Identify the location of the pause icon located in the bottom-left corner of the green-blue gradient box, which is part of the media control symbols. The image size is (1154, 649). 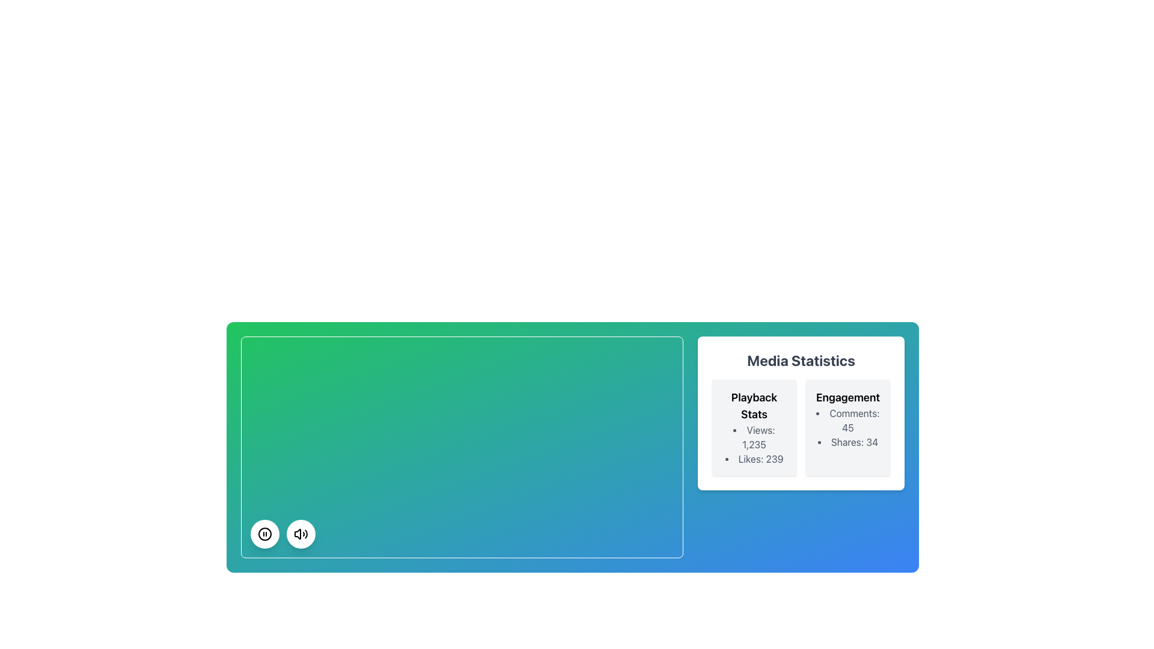
(264, 533).